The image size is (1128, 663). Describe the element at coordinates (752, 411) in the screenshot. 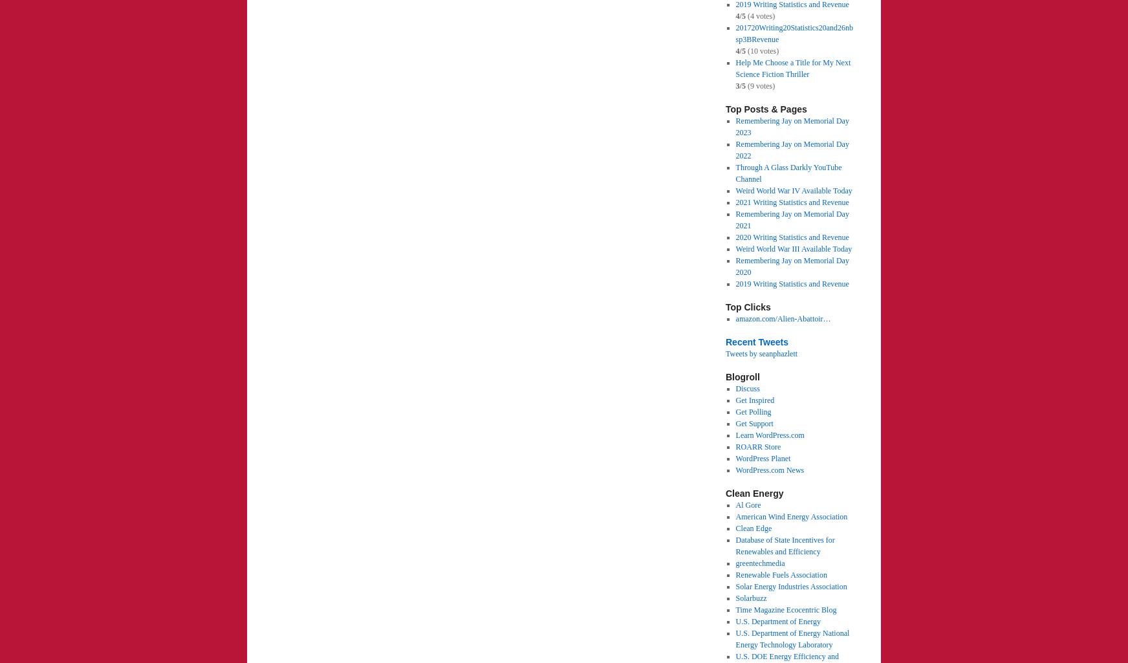

I see `'Get Polling'` at that location.